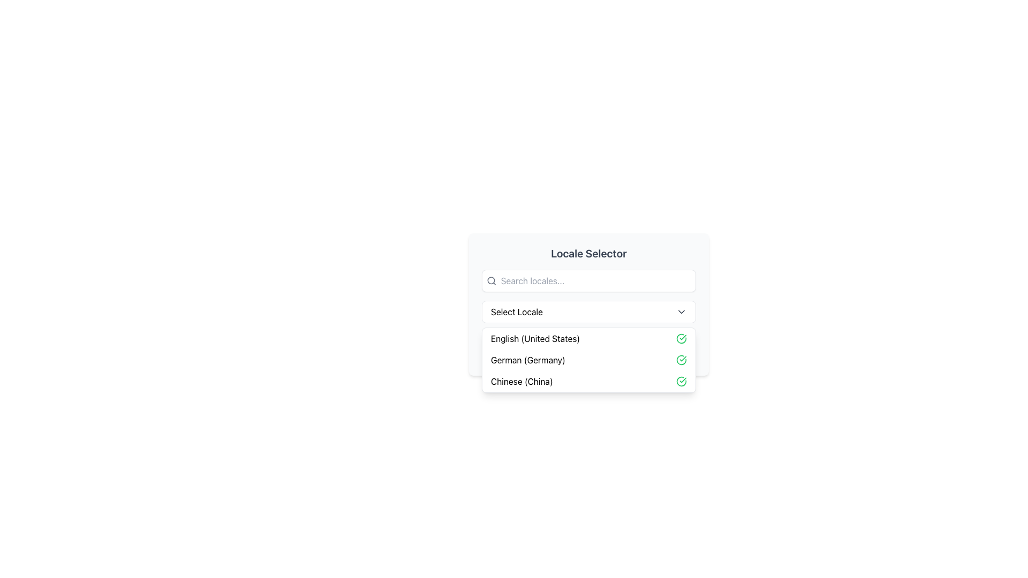 Image resolution: width=1028 pixels, height=578 pixels. What do you see at coordinates (588, 381) in the screenshot?
I see `the selectable list item for 'Chinese (China)' located in the dropdown menu labeled 'Select Locale', which is the third option in the list` at bounding box center [588, 381].